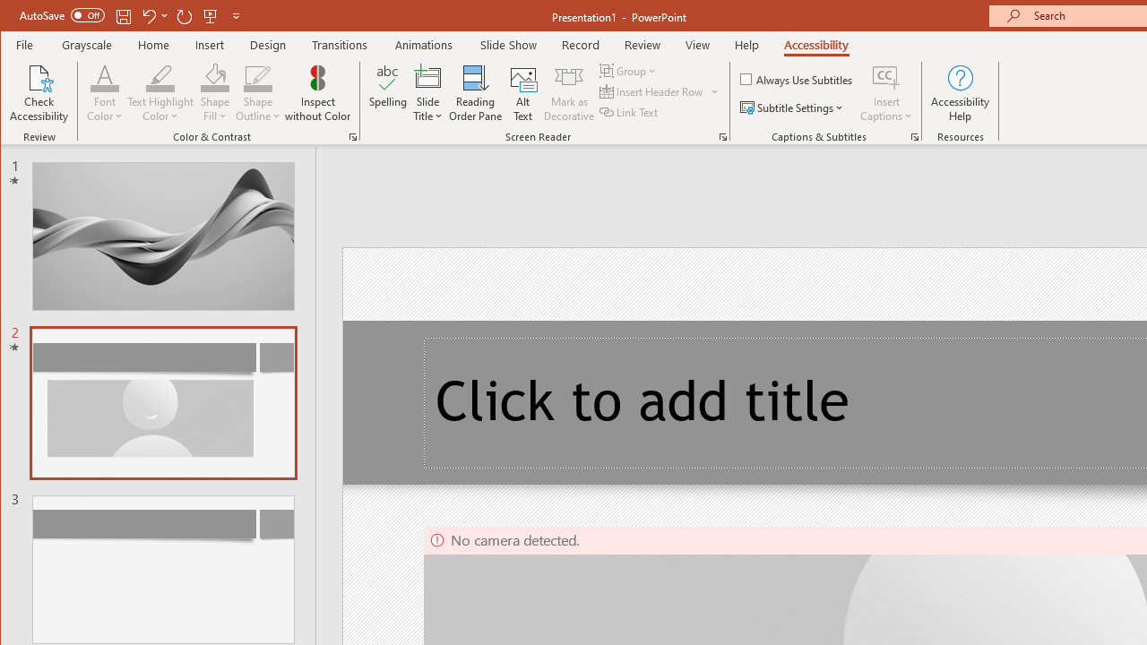 Image resolution: width=1147 pixels, height=645 pixels. I want to click on 'Save', so click(123, 15).